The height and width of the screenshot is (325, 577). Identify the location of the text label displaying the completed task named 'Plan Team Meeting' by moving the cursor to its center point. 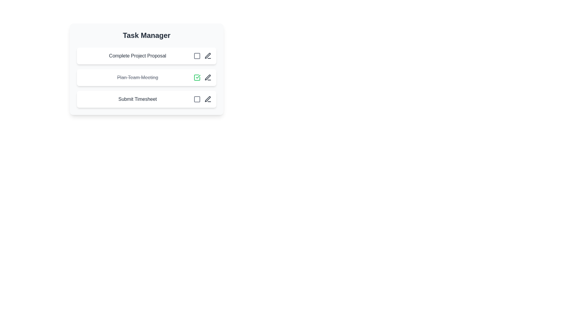
(137, 77).